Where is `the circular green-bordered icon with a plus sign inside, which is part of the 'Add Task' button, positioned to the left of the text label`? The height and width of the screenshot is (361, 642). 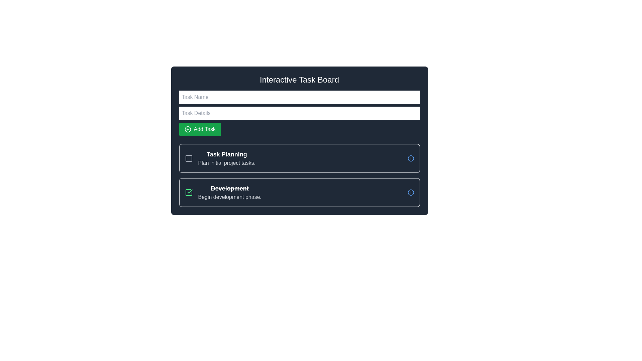 the circular green-bordered icon with a plus sign inside, which is part of the 'Add Task' button, positioned to the left of the text label is located at coordinates (187, 129).